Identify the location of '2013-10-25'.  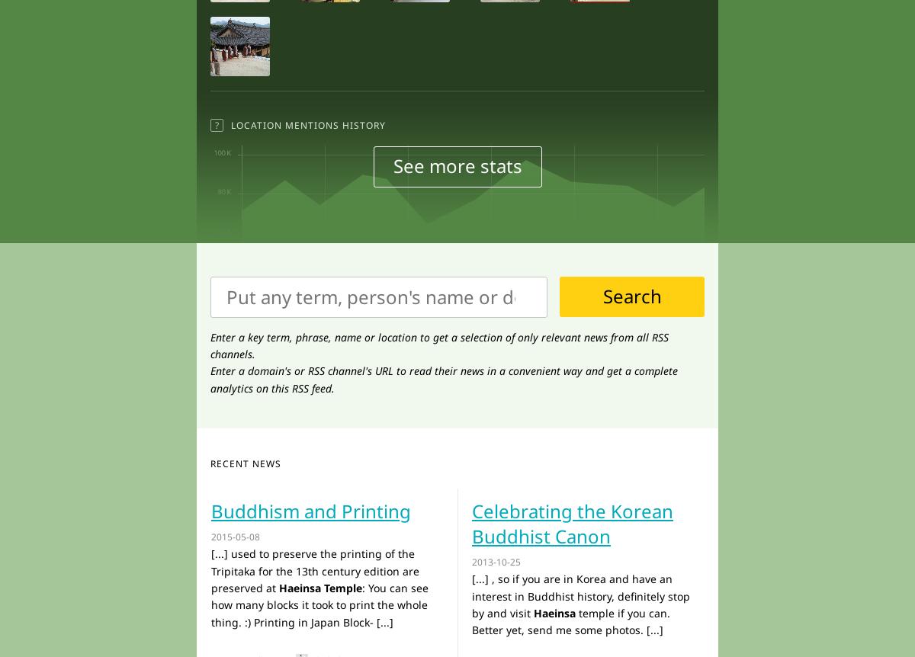
(496, 562).